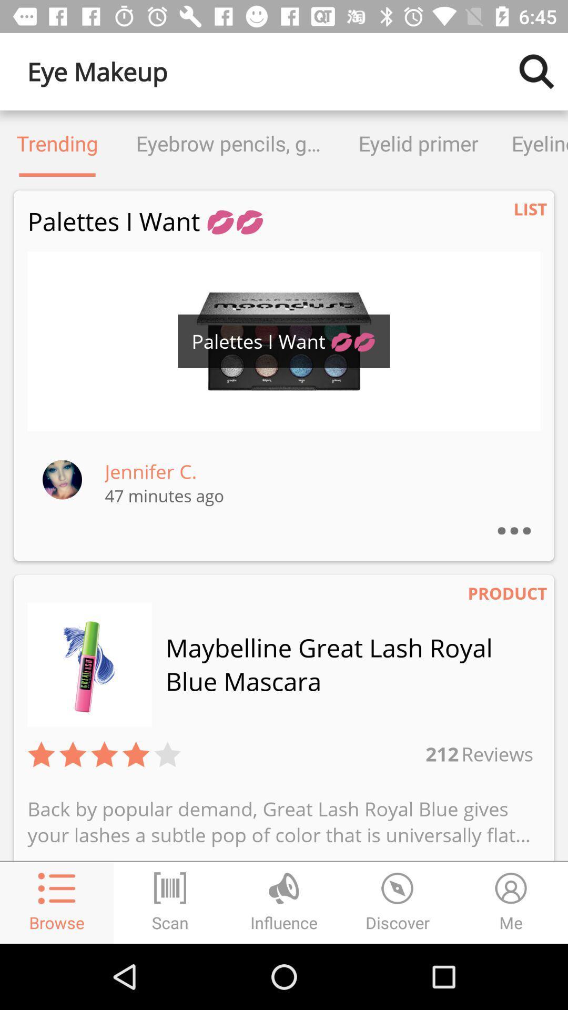  I want to click on search something, so click(536, 71).